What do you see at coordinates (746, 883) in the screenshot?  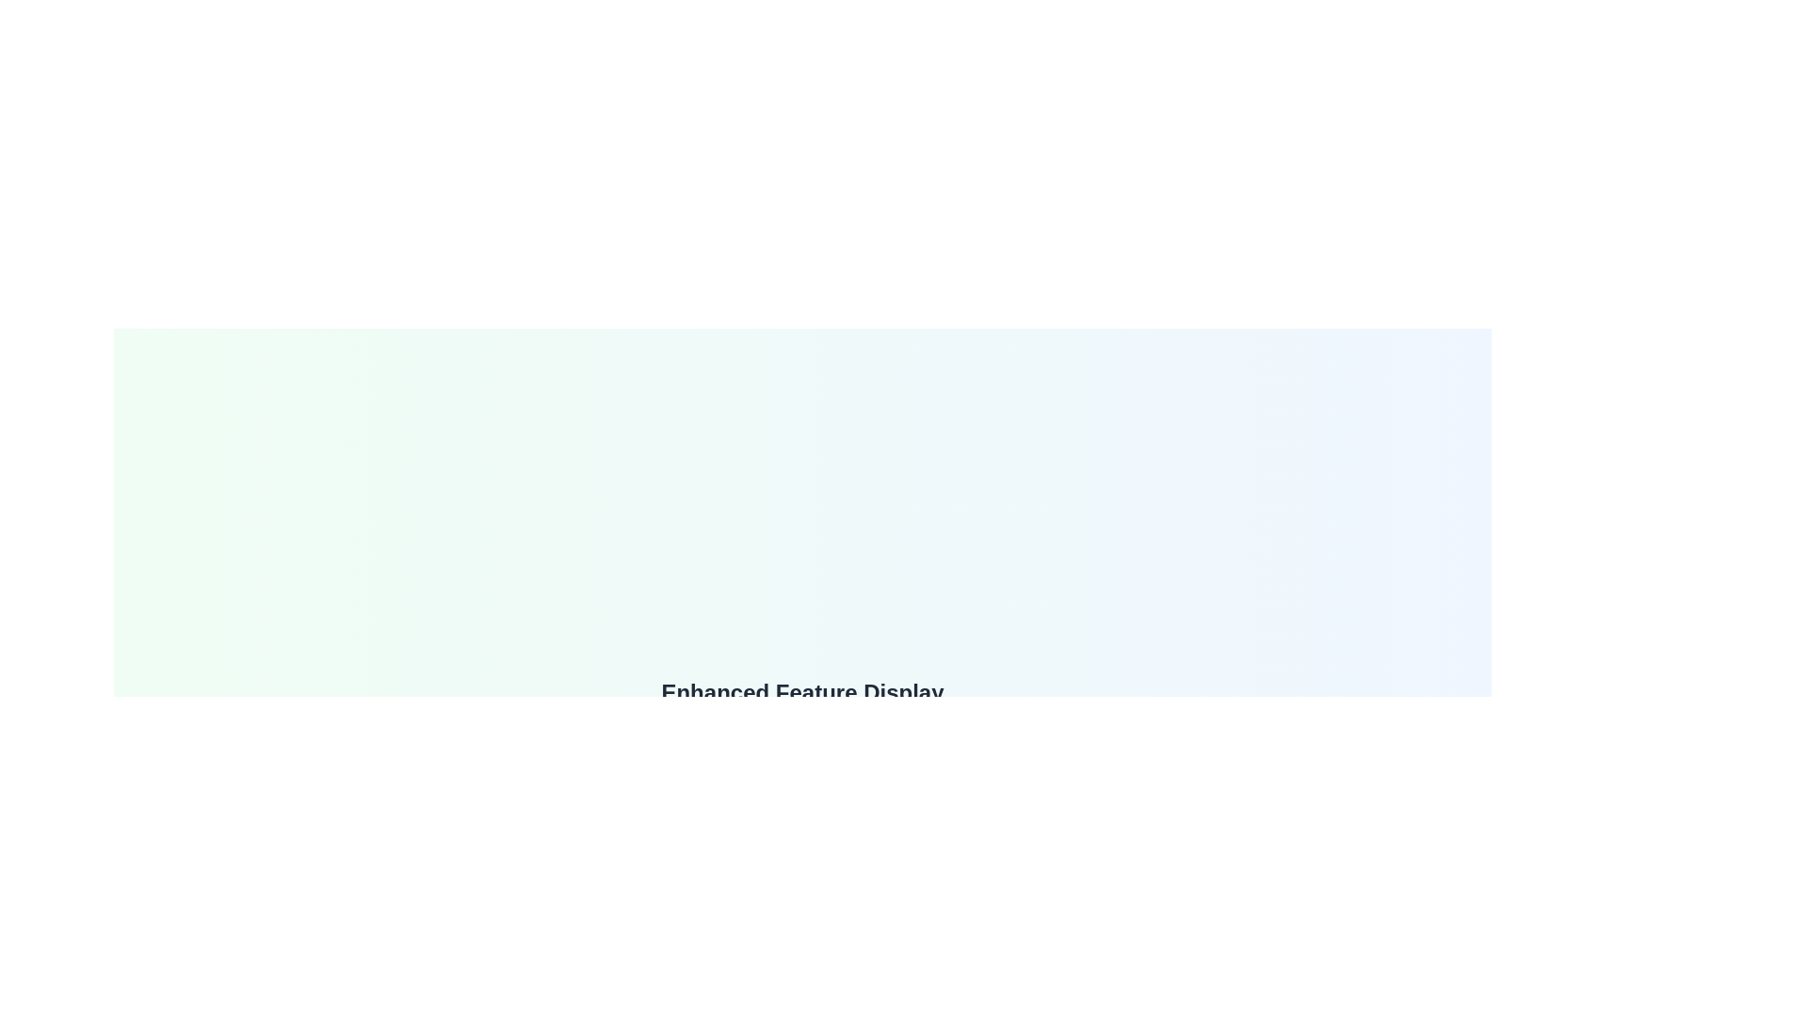 I see `circular SVG element styled with blue accents by opening the developer tools` at bounding box center [746, 883].